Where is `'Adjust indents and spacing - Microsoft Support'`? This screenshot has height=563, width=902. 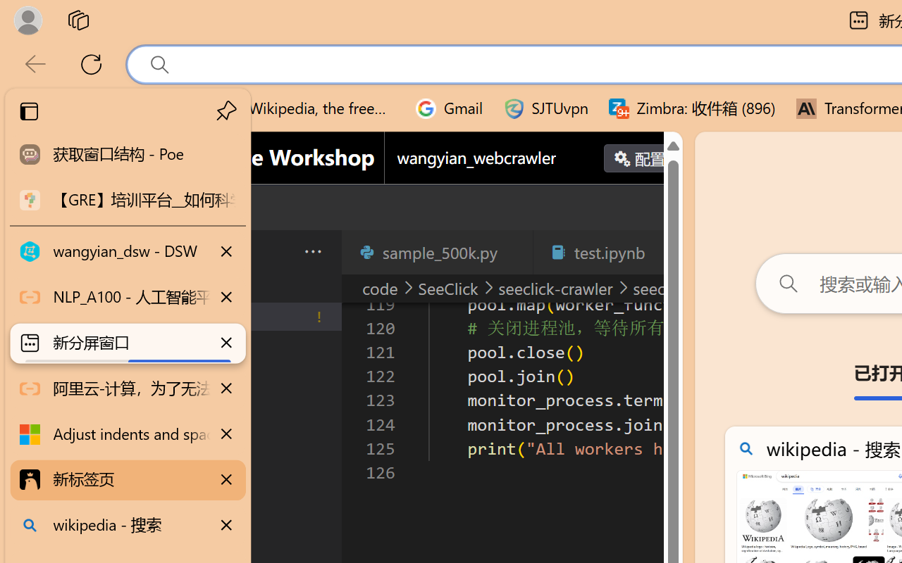
'Adjust indents and spacing - Microsoft Support' is located at coordinates (128, 434).